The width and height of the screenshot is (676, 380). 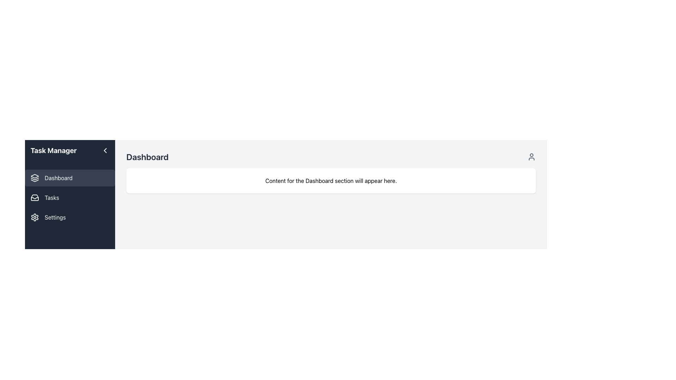 What do you see at coordinates (35, 217) in the screenshot?
I see `the cogwheel icon located beside the 'Settings' label in the left sidebar menu` at bounding box center [35, 217].